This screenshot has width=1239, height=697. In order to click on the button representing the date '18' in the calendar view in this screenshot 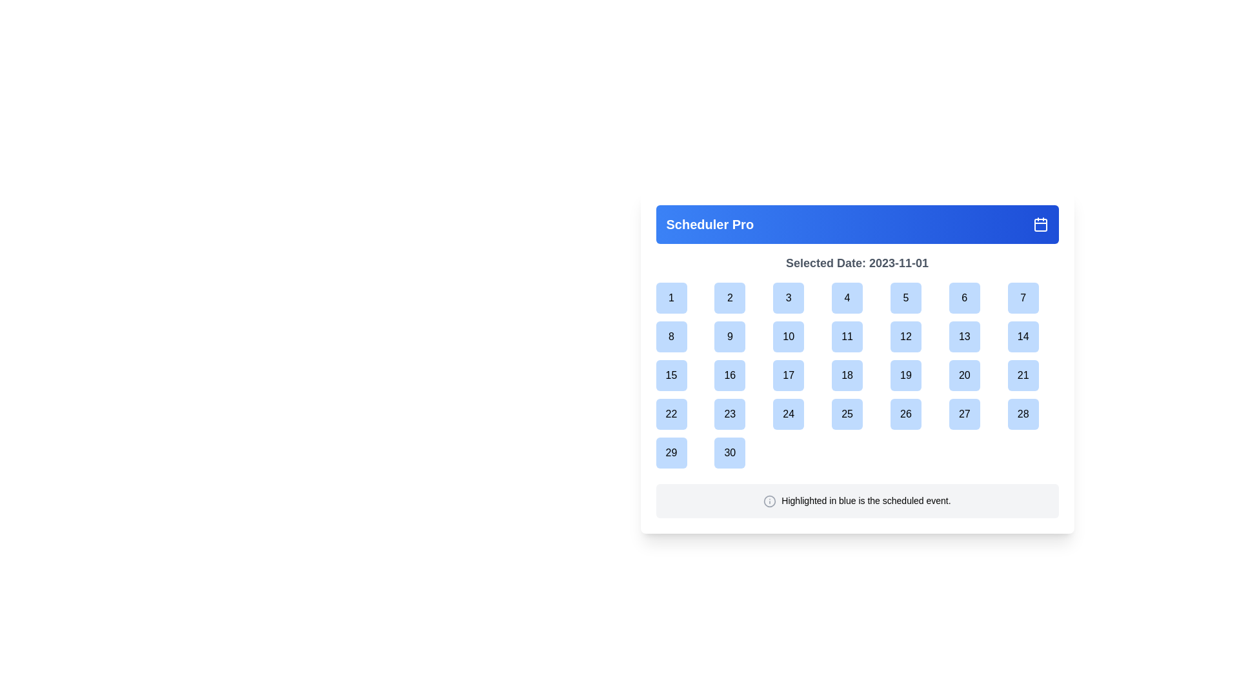, I will do `click(857, 376)`.